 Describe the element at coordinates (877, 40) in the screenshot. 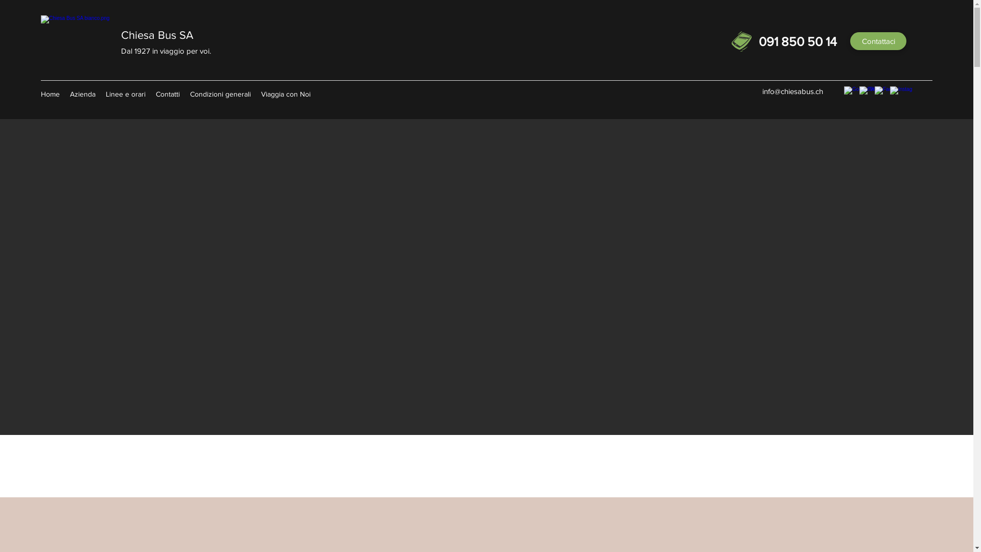

I see `'Contattaci'` at that location.